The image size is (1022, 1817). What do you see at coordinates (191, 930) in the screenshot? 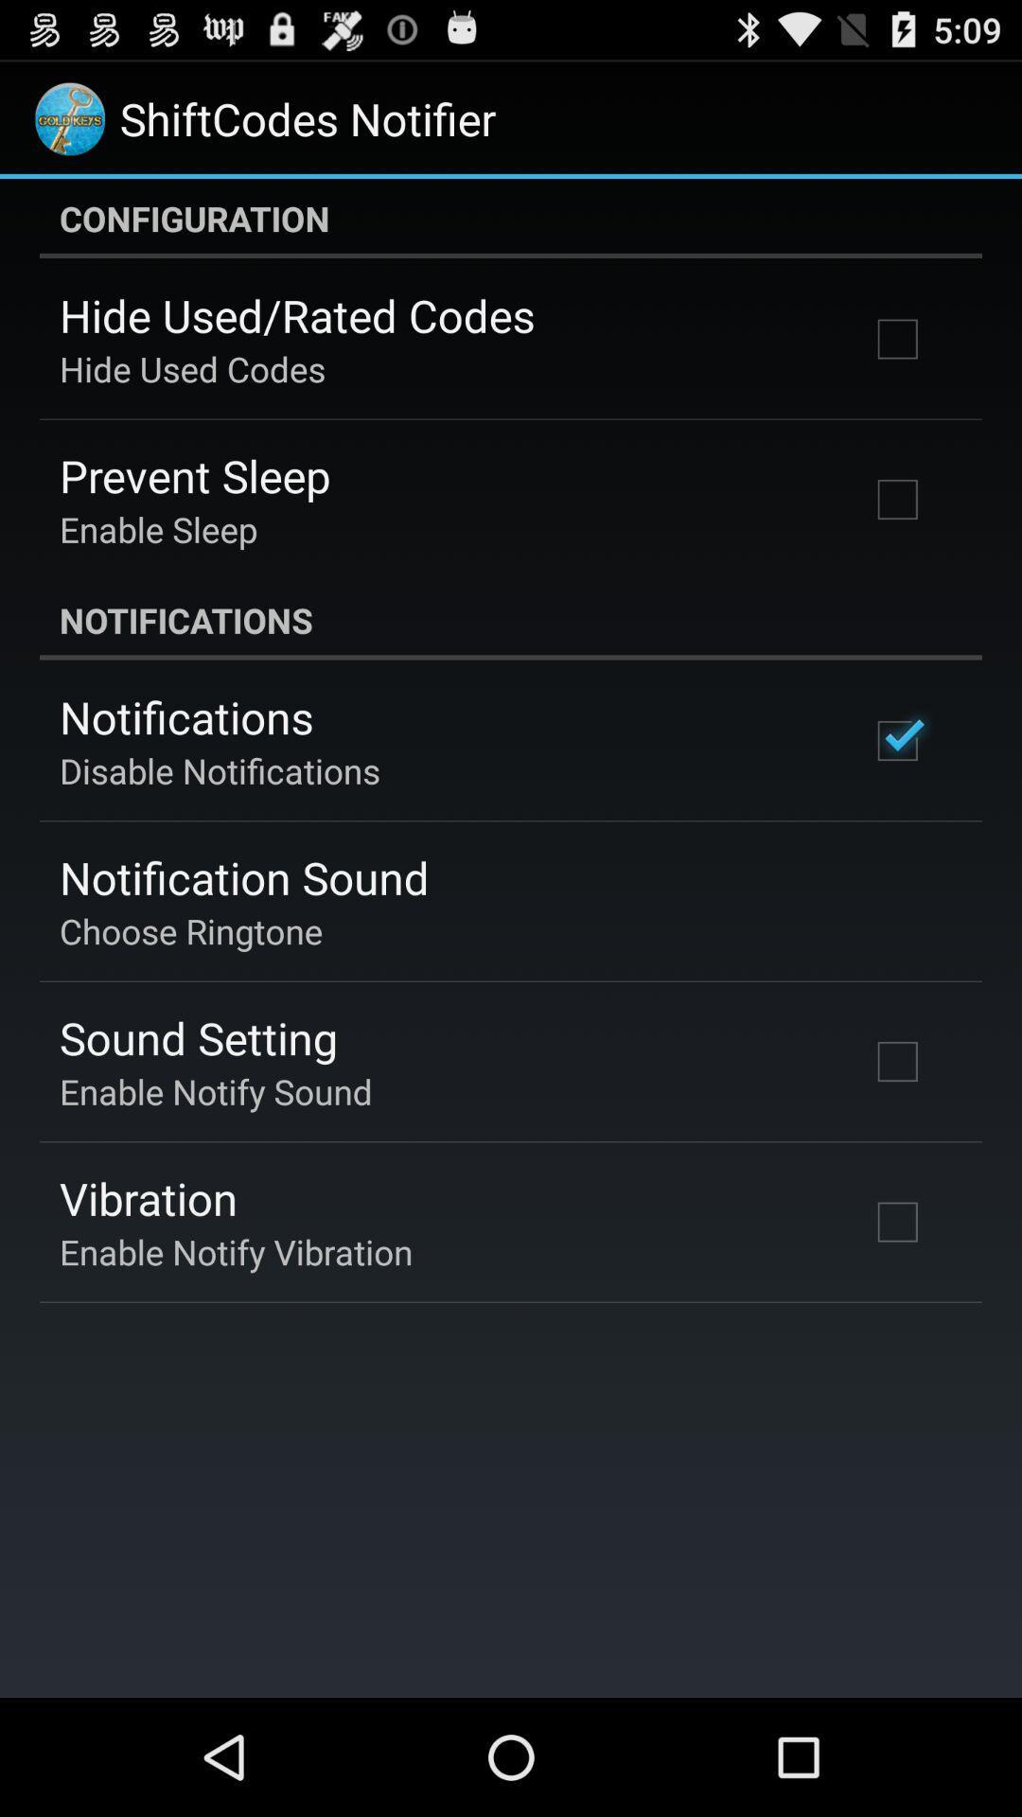
I see `item above sound setting app` at bounding box center [191, 930].